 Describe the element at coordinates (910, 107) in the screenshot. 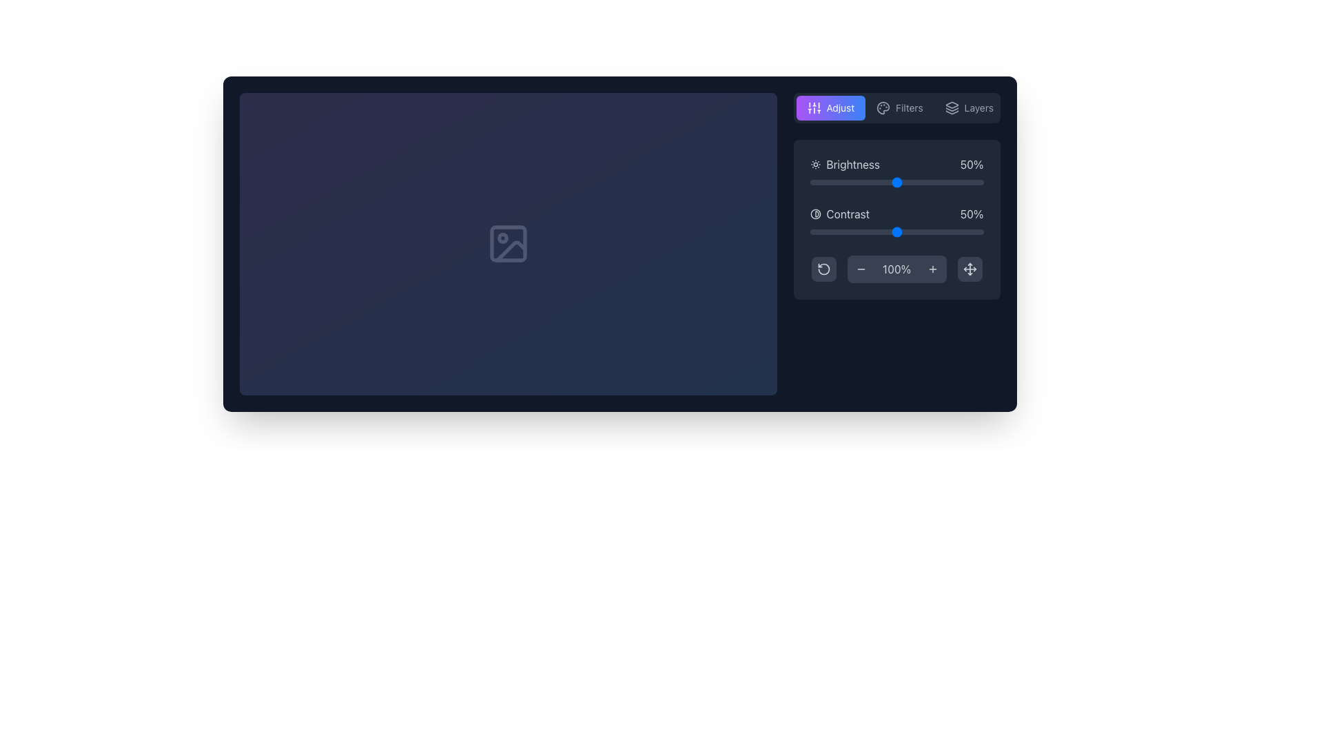

I see `the 'Filters' text label located in the top-right section of the settings panel` at that location.